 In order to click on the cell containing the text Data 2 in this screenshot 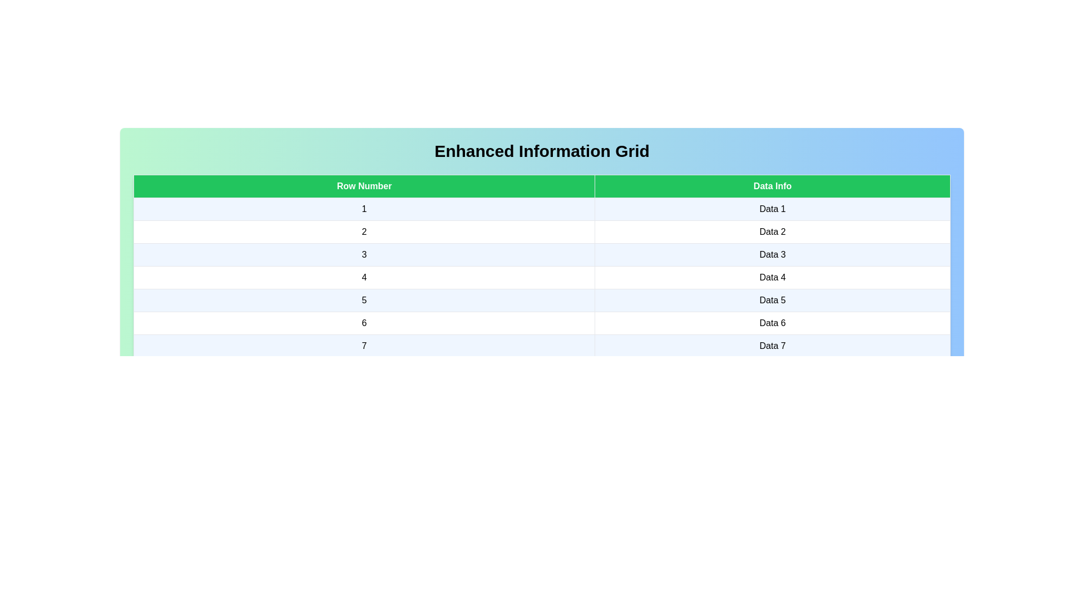, I will do `click(772, 231)`.